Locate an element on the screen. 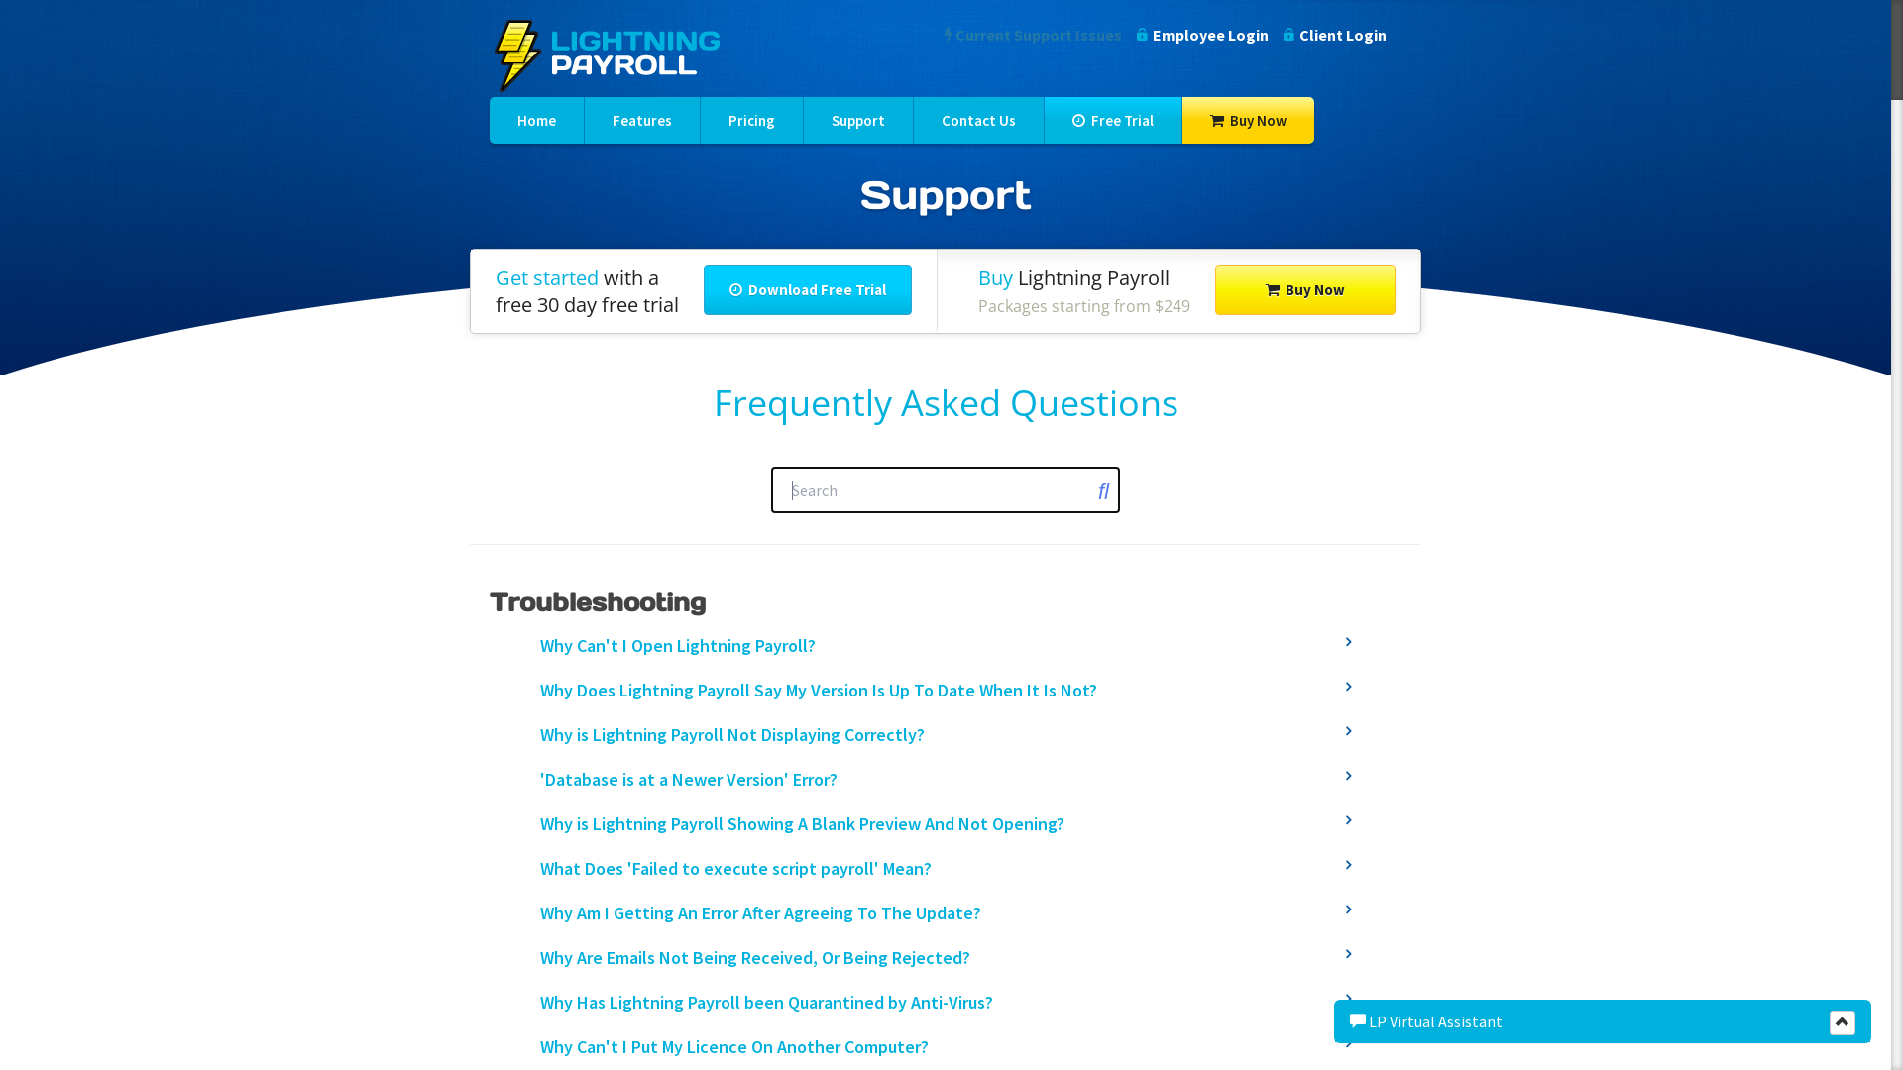 The image size is (1903, 1070). 'Contact Us' is located at coordinates (978, 120).